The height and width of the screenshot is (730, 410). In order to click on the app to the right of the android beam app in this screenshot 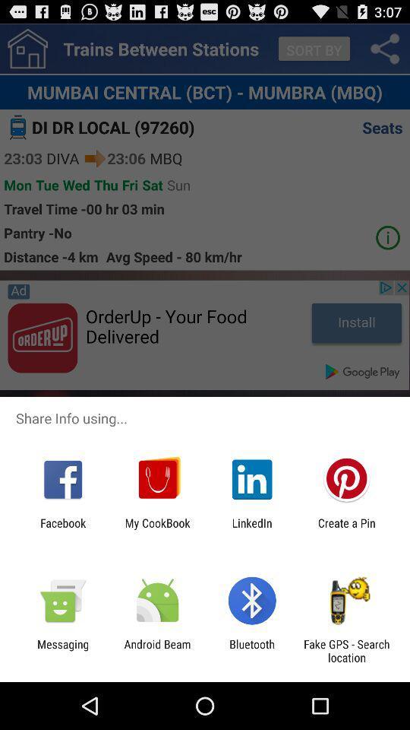, I will do `click(252, 650)`.